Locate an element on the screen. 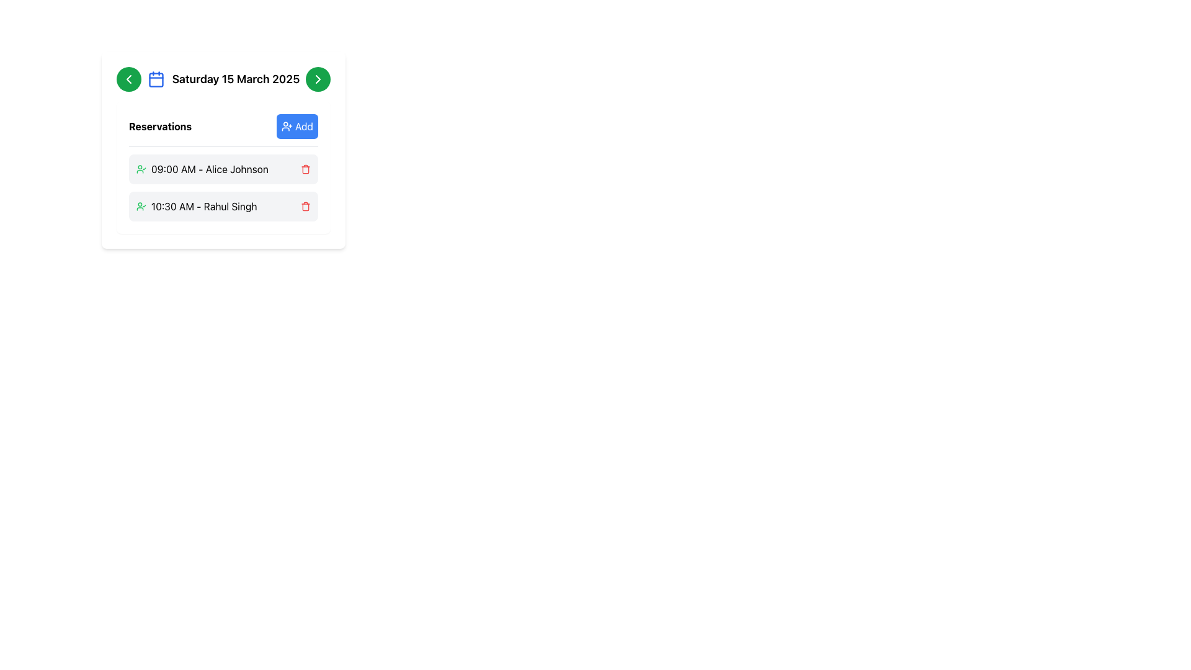 This screenshot has width=1191, height=670. the list item displaying '10:30 AM - Rahul Singh' is located at coordinates (196, 205).